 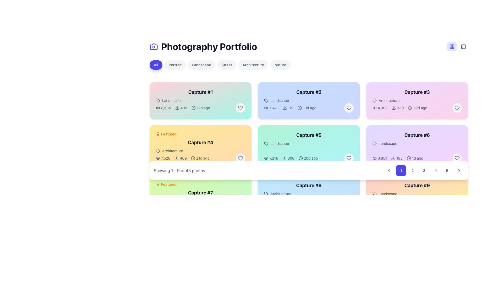 I want to click on the square with rounded corners located in the top-right region of the interface, which is part of an icon set and has no visible fill or stroke, so click(x=463, y=46).